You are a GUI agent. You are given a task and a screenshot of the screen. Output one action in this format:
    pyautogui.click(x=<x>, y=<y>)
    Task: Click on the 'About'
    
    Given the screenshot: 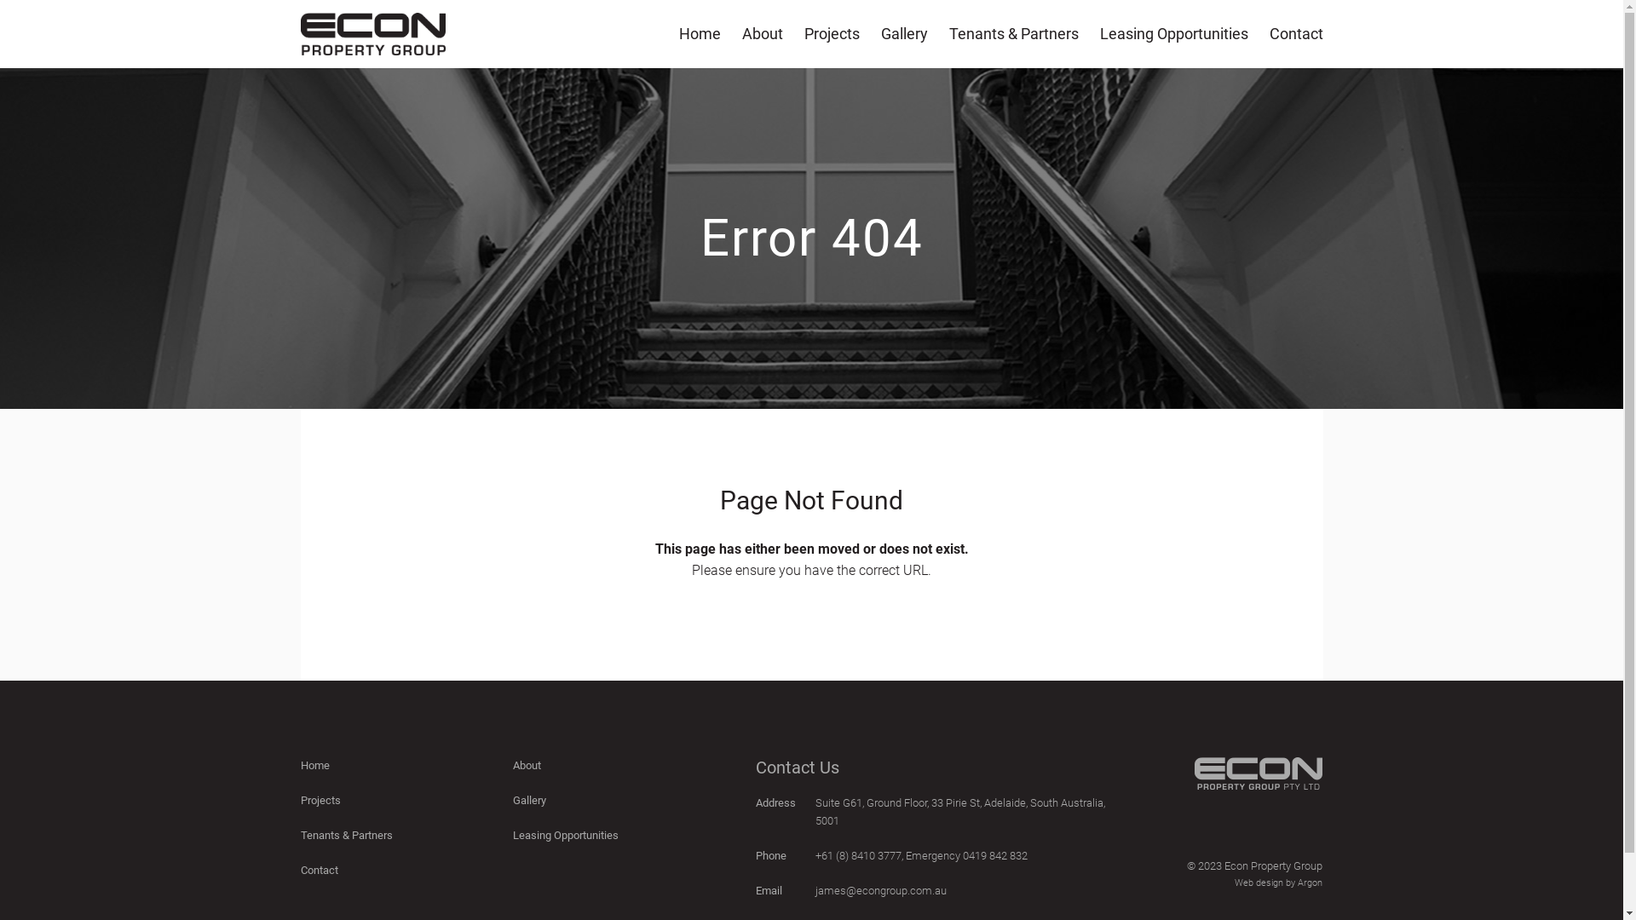 What is the action you would take?
    pyautogui.click(x=760, y=33)
    